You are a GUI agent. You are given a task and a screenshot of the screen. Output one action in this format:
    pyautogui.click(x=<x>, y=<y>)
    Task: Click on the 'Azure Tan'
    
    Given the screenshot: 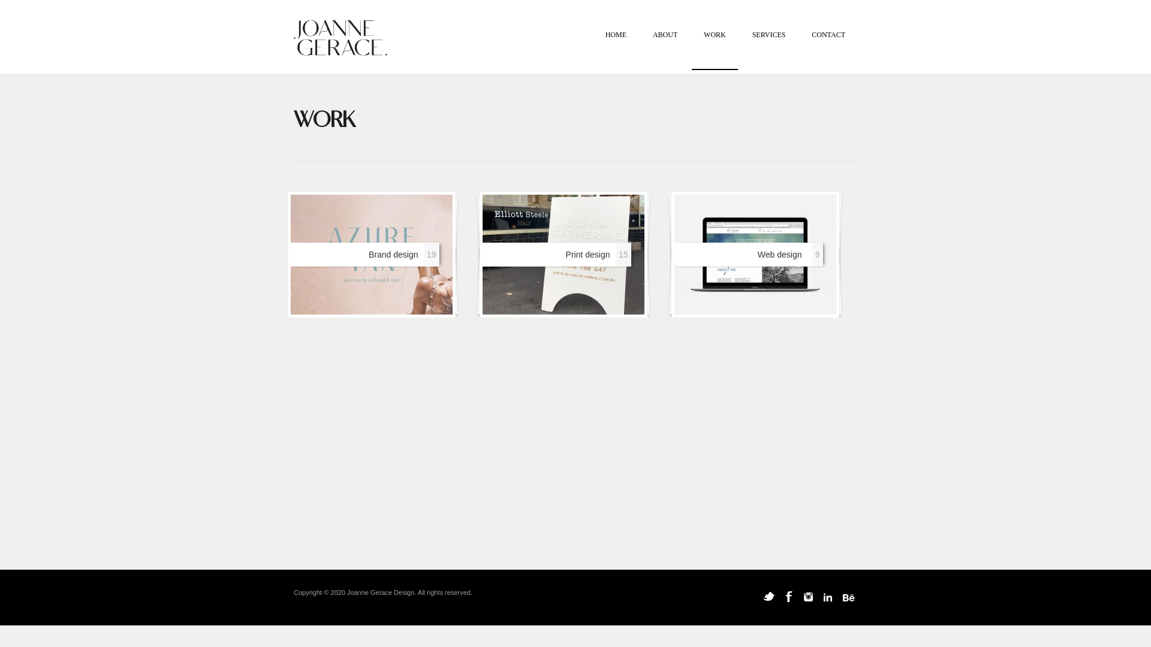 What is the action you would take?
    pyautogui.click(x=370, y=253)
    